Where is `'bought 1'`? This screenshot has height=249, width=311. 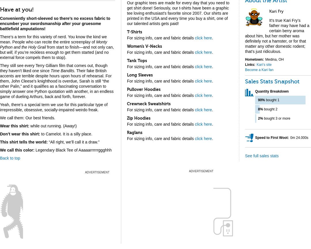
'bought 1' is located at coordinates (272, 99).